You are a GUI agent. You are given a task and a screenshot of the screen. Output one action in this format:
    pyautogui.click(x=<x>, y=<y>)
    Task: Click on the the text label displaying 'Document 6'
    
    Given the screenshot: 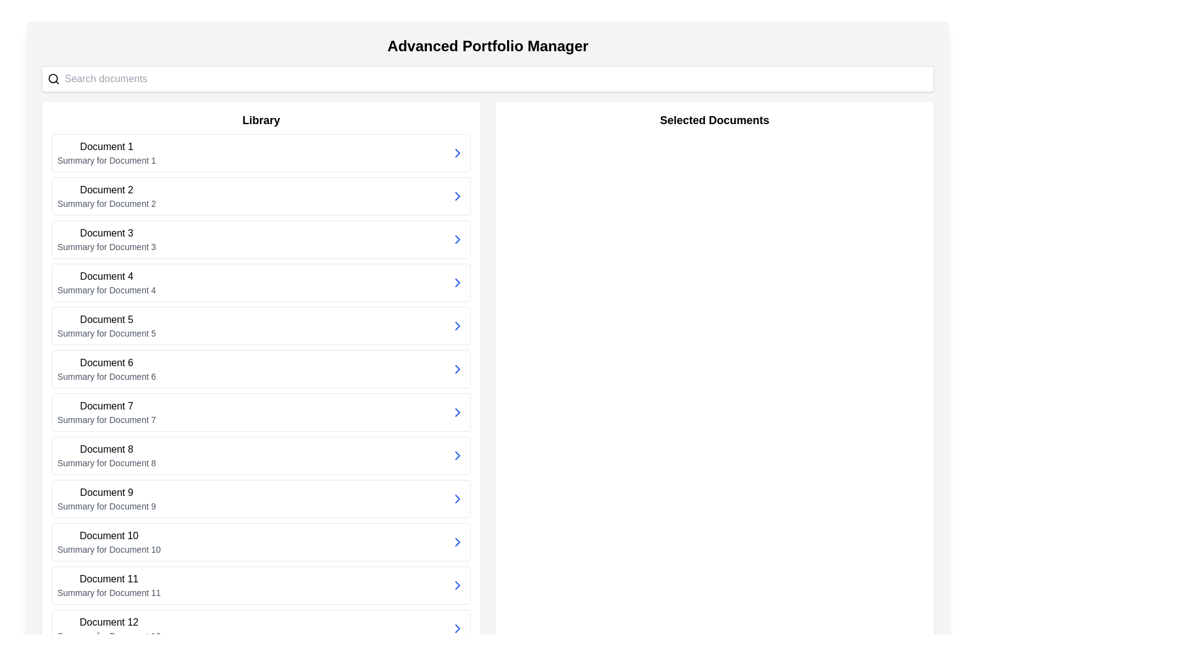 What is the action you would take?
    pyautogui.click(x=106, y=362)
    